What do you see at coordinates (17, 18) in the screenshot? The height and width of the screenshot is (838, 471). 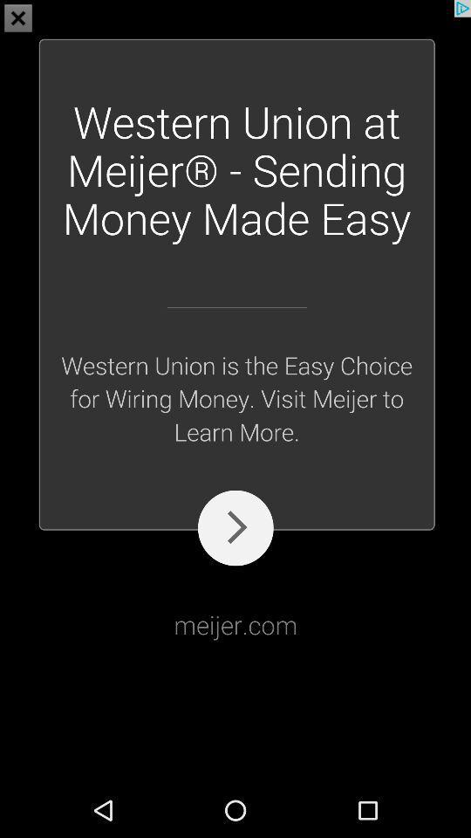 I see `the close icon` at bounding box center [17, 18].